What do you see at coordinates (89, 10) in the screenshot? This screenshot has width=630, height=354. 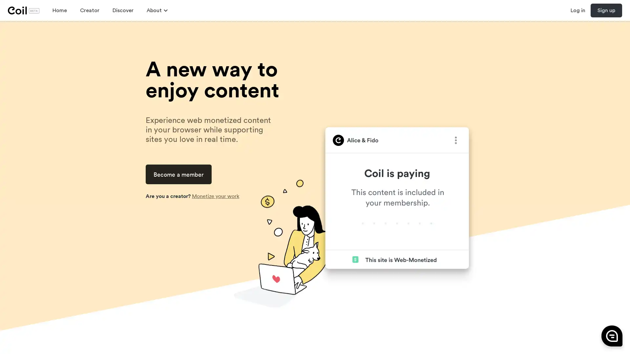 I see `Creator` at bounding box center [89, 10].